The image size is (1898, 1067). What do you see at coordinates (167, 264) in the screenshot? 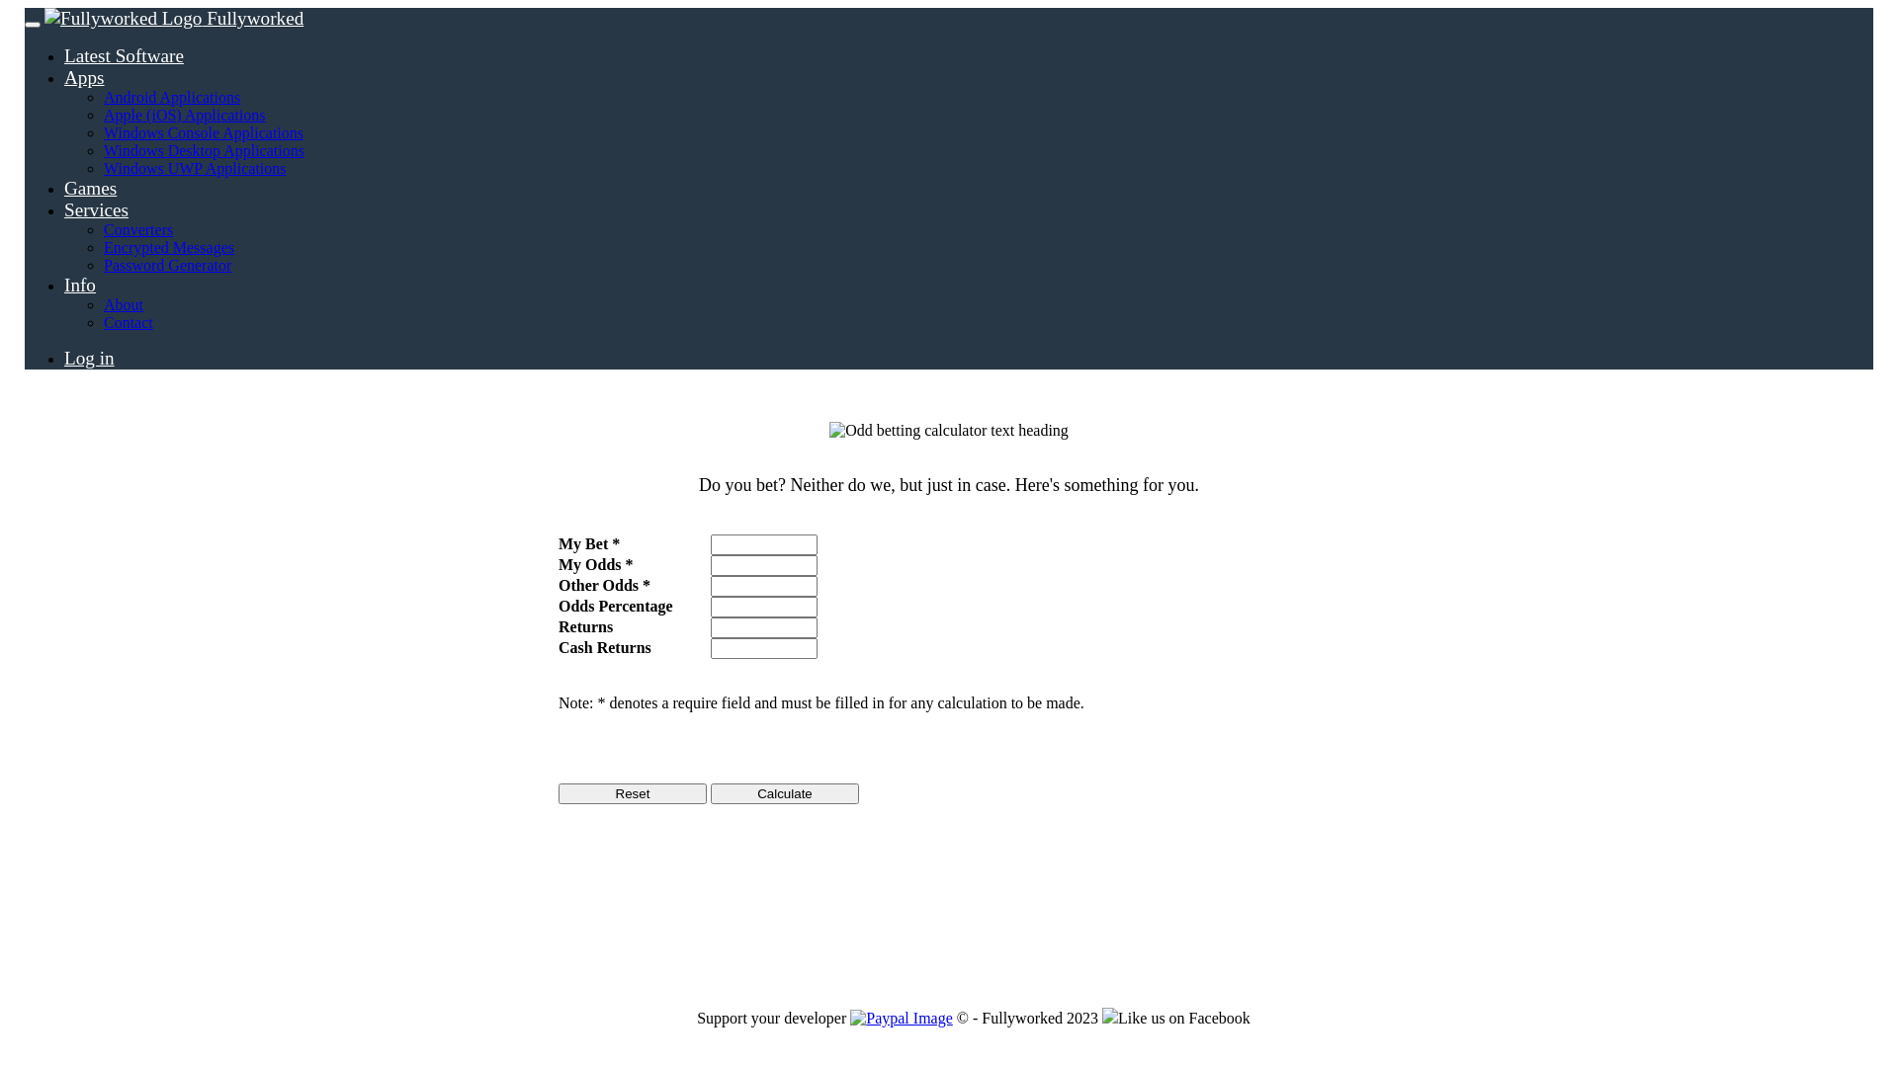
I see `'Password Generator'` at bounding box center [167, 264].